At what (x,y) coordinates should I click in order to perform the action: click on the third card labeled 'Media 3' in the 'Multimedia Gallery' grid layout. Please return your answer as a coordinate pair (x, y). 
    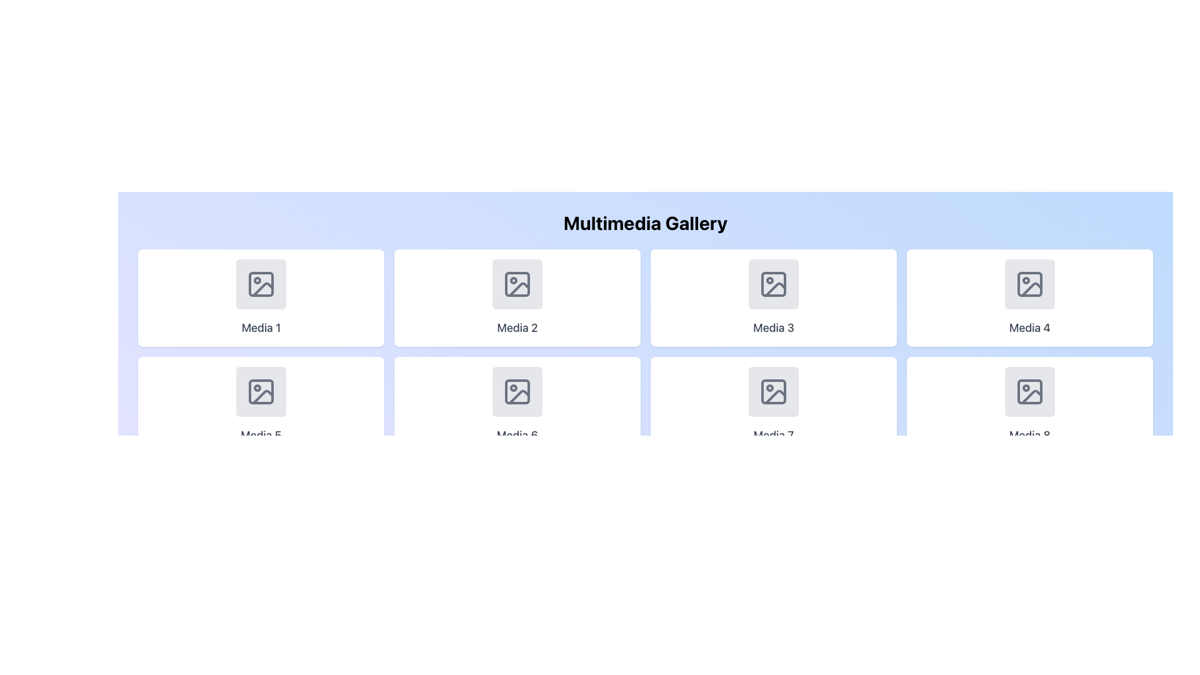
    Looking at the image, I should click on (773, 298).